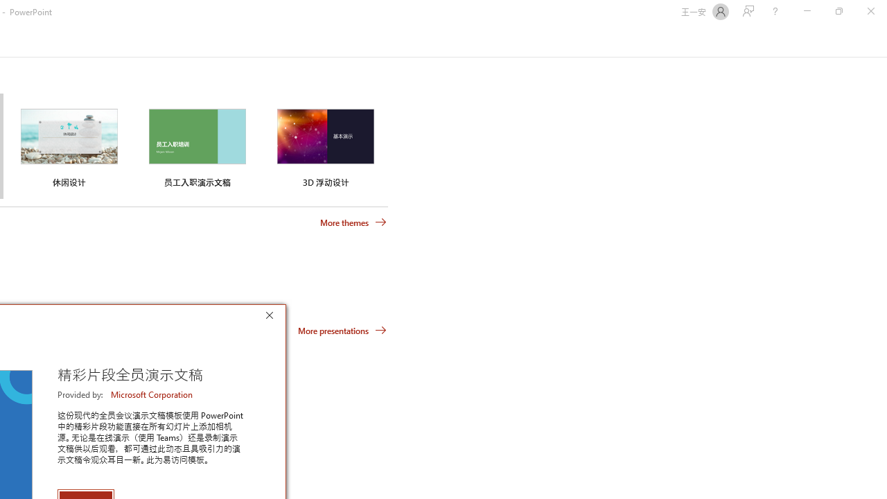 Image resolution: width=887 pixels, height=499 pixels. What do you see at coordinates (342, 331) in the screenshot?
I see `'More presentations'` at bounding box center [342, 331].